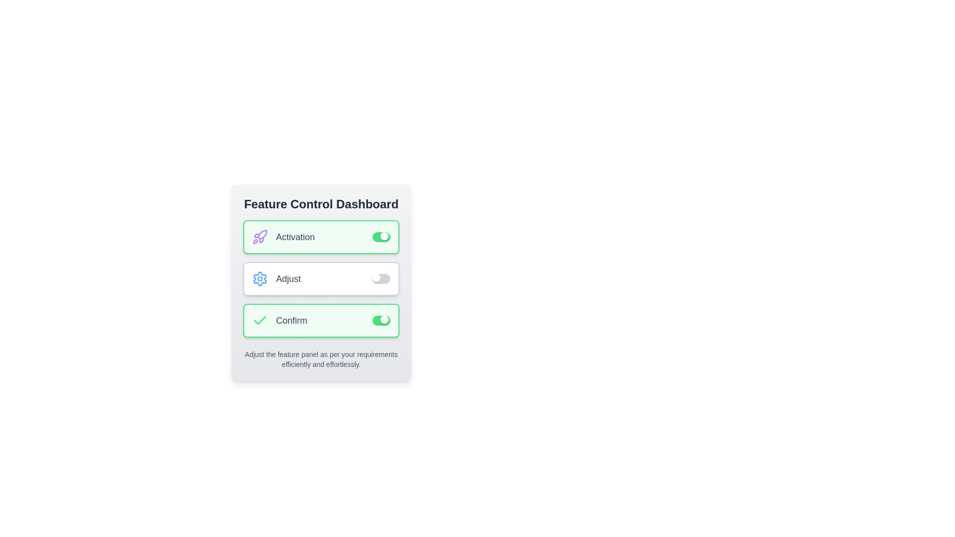 The width and height of the screenshot is (955, 537). Describe the element at coordinates (321, 359) in the screenshot. I see `the text area below the panel to read the information` at that location.